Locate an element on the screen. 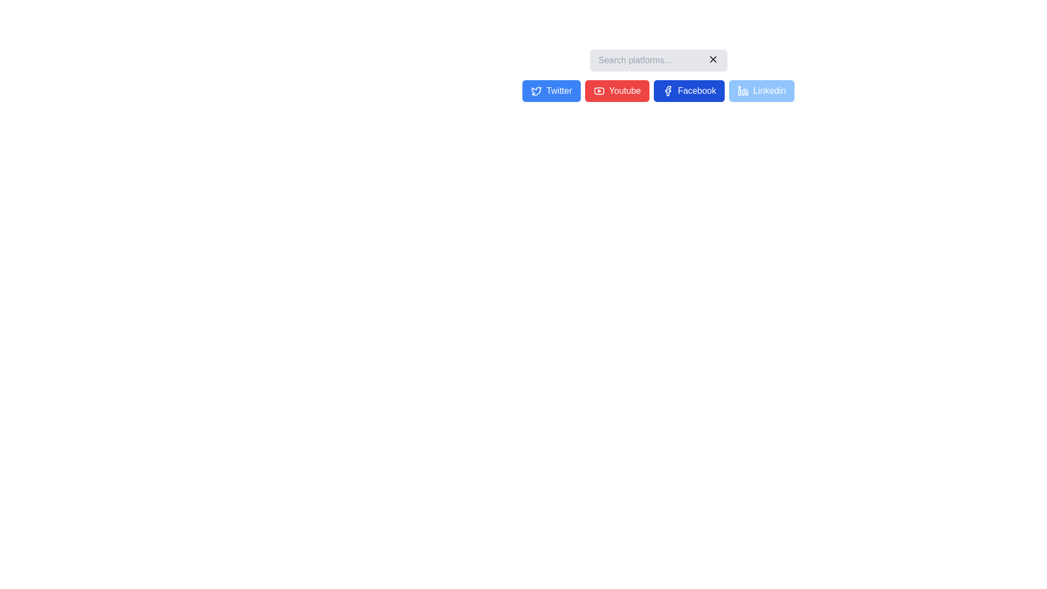  the button in the social media button group located below the search input field with the placeholder 'Search platforms...' is located at coordinates (658, 90).